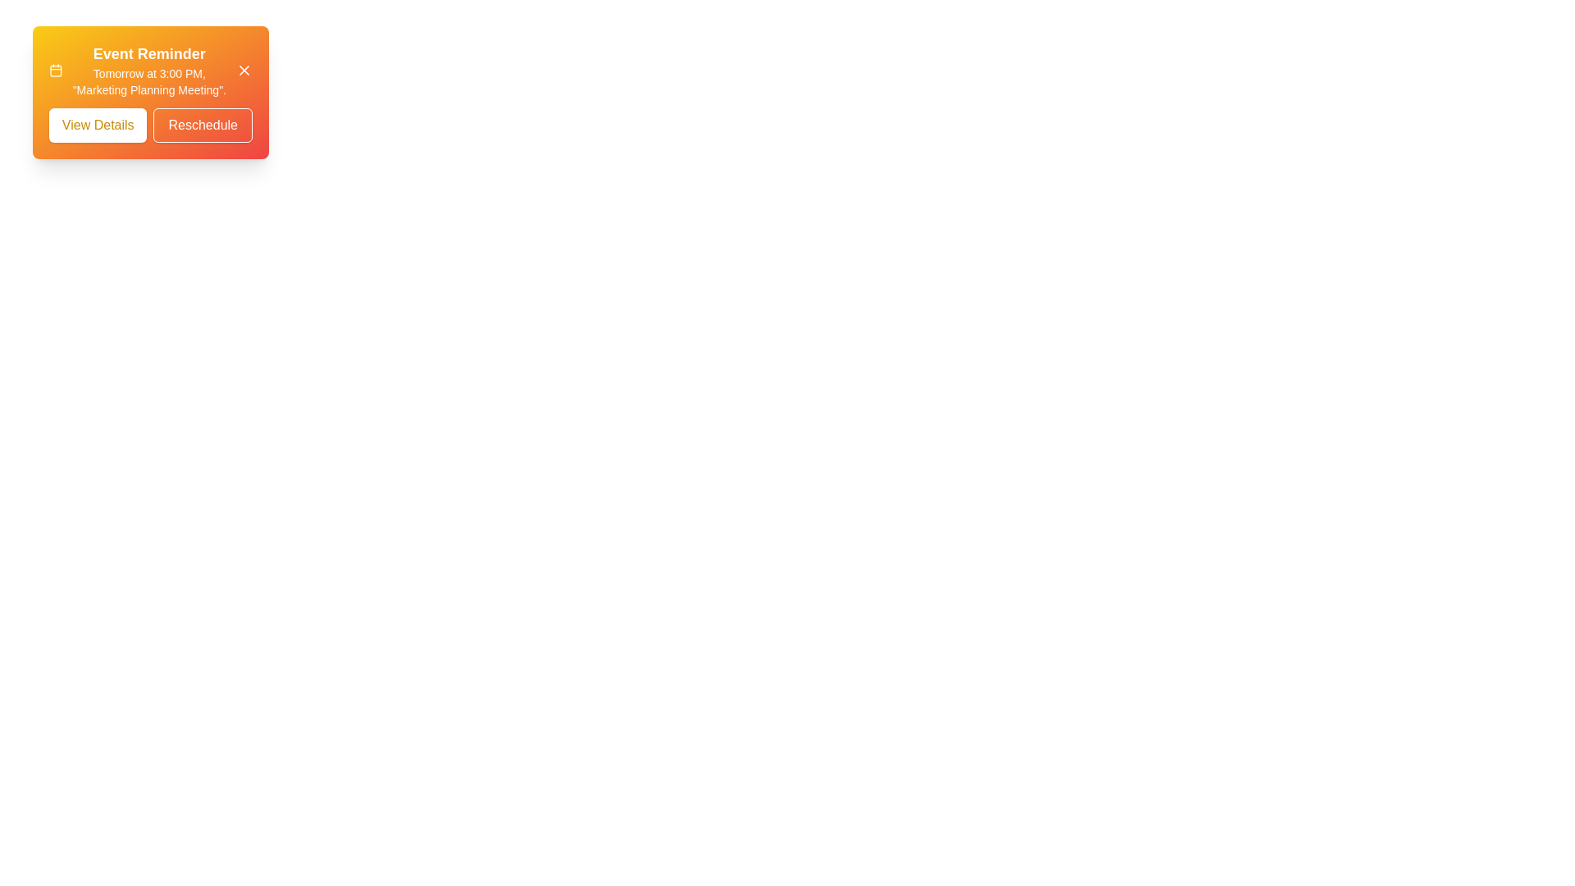 The image size is (1575, 886). What do you see at coordinates (243, 69) in the screenshot?
I see `the close button of the EventReminderSnackbar component` at bounding box center [243, 69].